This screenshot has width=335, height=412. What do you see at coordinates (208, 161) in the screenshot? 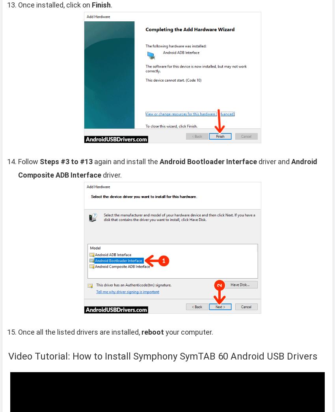
I see `'Android Bootloader Interface'` at bounding box center [208, 161].